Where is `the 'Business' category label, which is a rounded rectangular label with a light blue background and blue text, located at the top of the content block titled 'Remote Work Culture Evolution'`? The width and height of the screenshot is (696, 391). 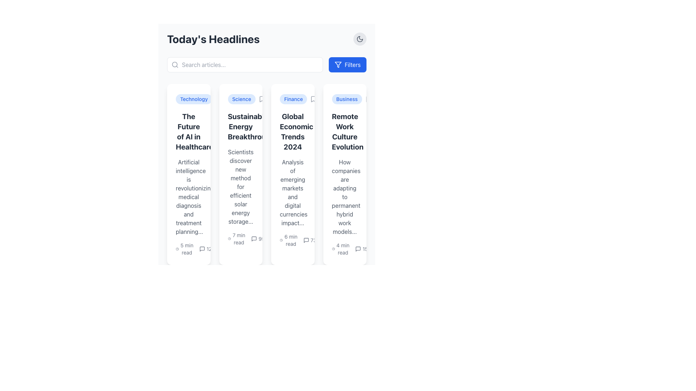
the 'Business' category label, which is a rounded rectangular label with a light blue background and blue text, located at the top of the content block titled 'Remote Work Culture Evolution' is located at coordinates (344, 99).